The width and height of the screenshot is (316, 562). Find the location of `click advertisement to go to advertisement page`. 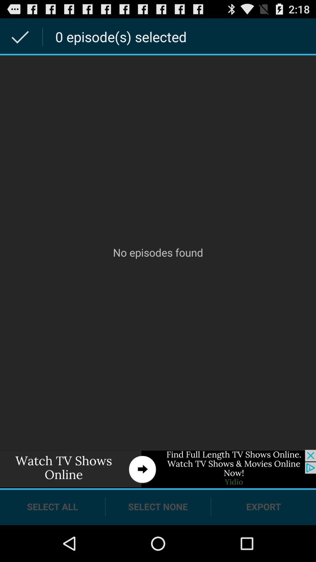

click advertisement to go to advertisement page is located at coordinates (158, 469).